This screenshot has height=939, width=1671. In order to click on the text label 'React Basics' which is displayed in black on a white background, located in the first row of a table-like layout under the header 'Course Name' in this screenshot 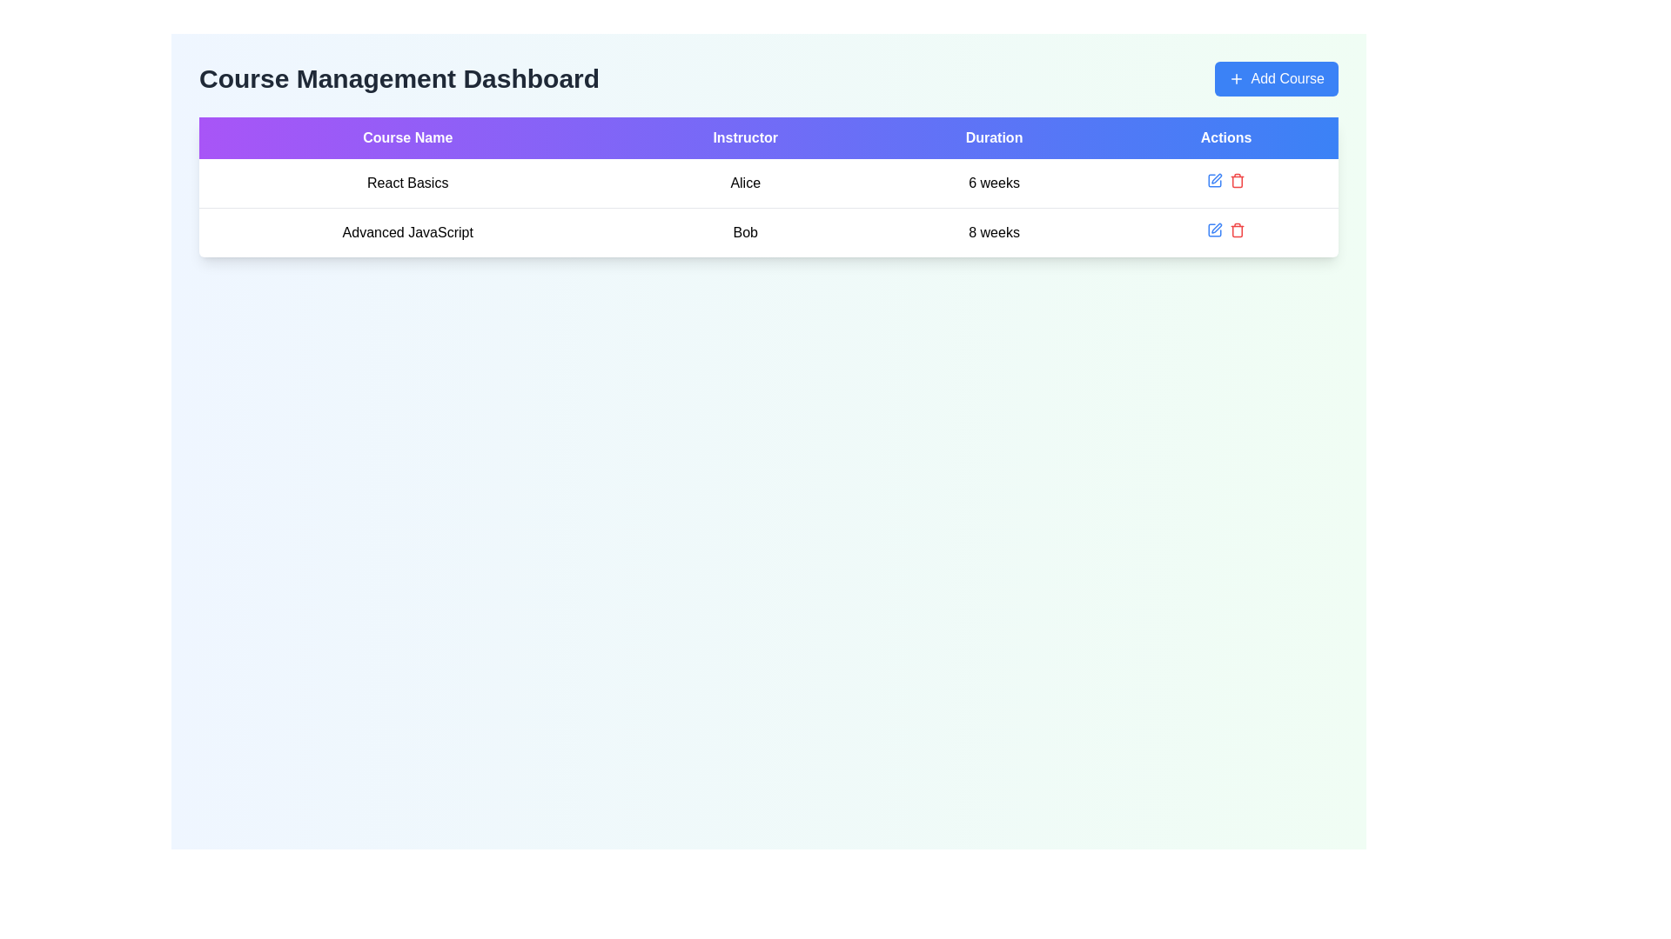, I will do `click(406, 183)`.